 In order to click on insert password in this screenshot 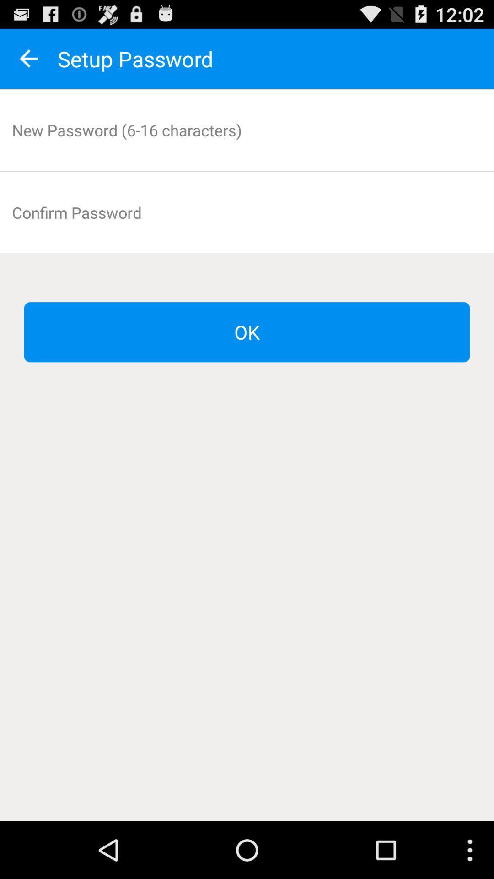, I will do `click(247, 130)`.